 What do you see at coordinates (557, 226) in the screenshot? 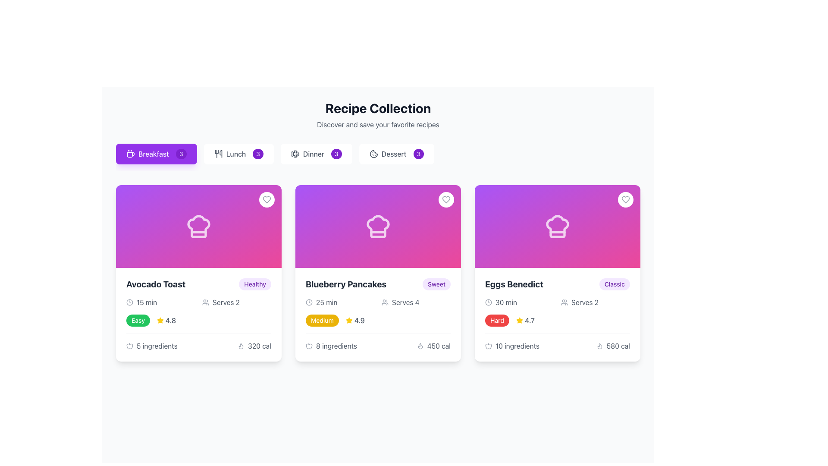
I see `the Decorative header image of the 'Eggs Benedict' card, which is a rectangular block with a gradient background from purple to pink and a white chef hat icon centered within it` at bounding box center [557, 226].